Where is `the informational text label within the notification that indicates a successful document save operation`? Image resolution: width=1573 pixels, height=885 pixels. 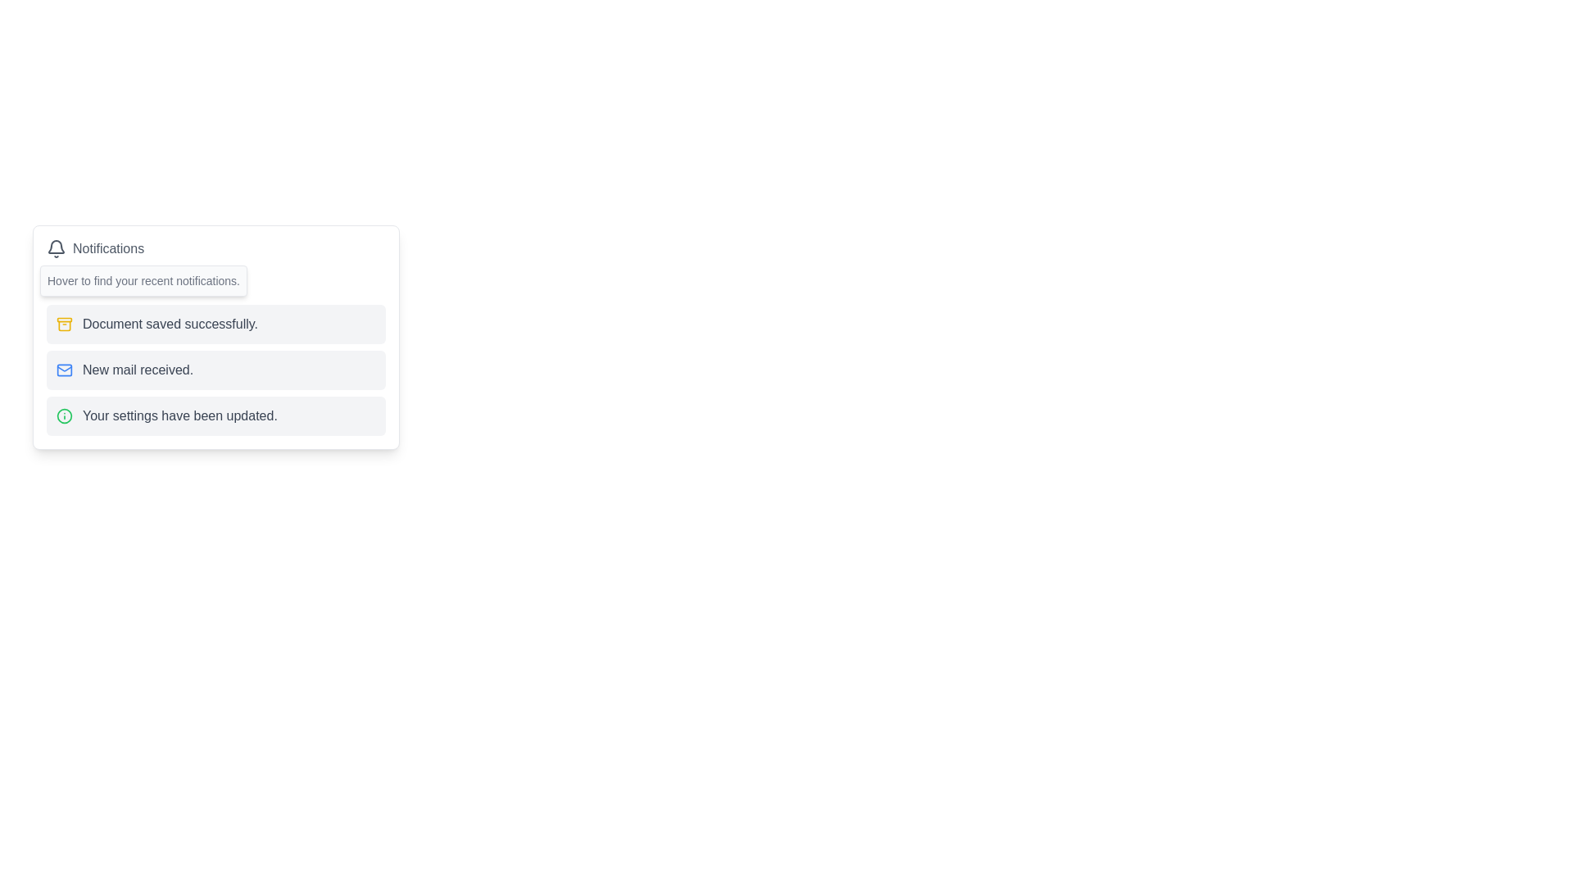
the informational text label within the notification that indicates a successful document save operation is located at coordinates (170, 324).